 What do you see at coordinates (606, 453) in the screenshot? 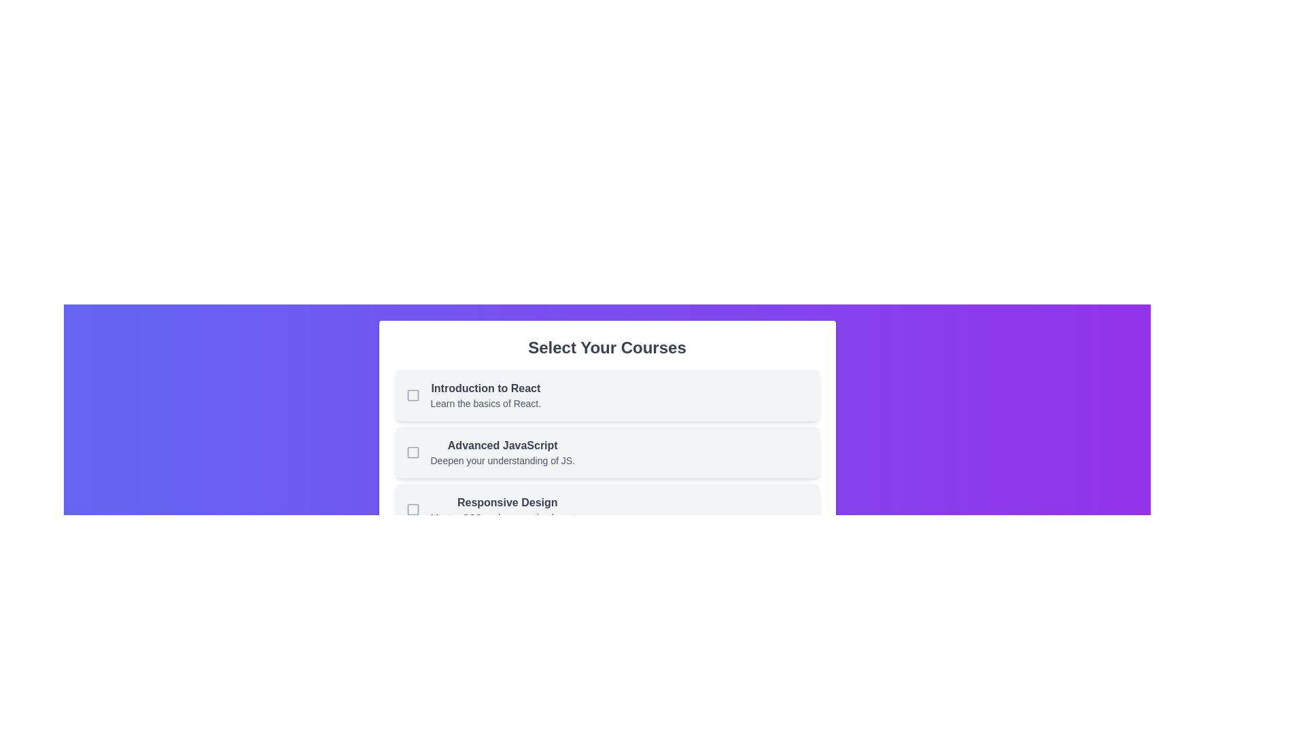
I see `the course Advanced JavaScript by clicking on its corresponding list item` at bounding box center [606, 453].